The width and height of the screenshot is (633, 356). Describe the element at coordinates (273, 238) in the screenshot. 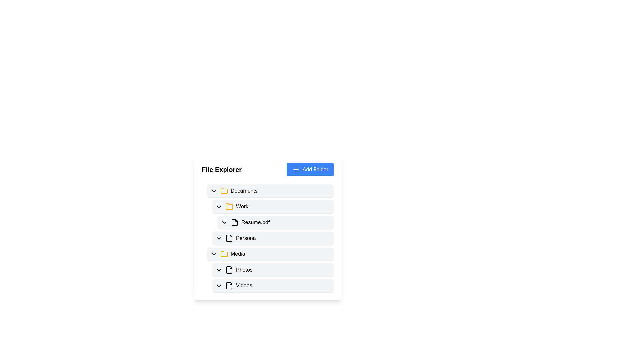

I see `the second list item in the 'Documents > Work' section of the file explorer` at that location.